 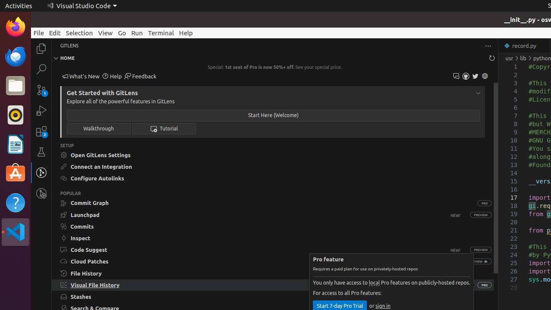 What do you see at coordinates (161, 32) in the screenshot?
I see `'Terminal'` at bounding box center [161, 32].